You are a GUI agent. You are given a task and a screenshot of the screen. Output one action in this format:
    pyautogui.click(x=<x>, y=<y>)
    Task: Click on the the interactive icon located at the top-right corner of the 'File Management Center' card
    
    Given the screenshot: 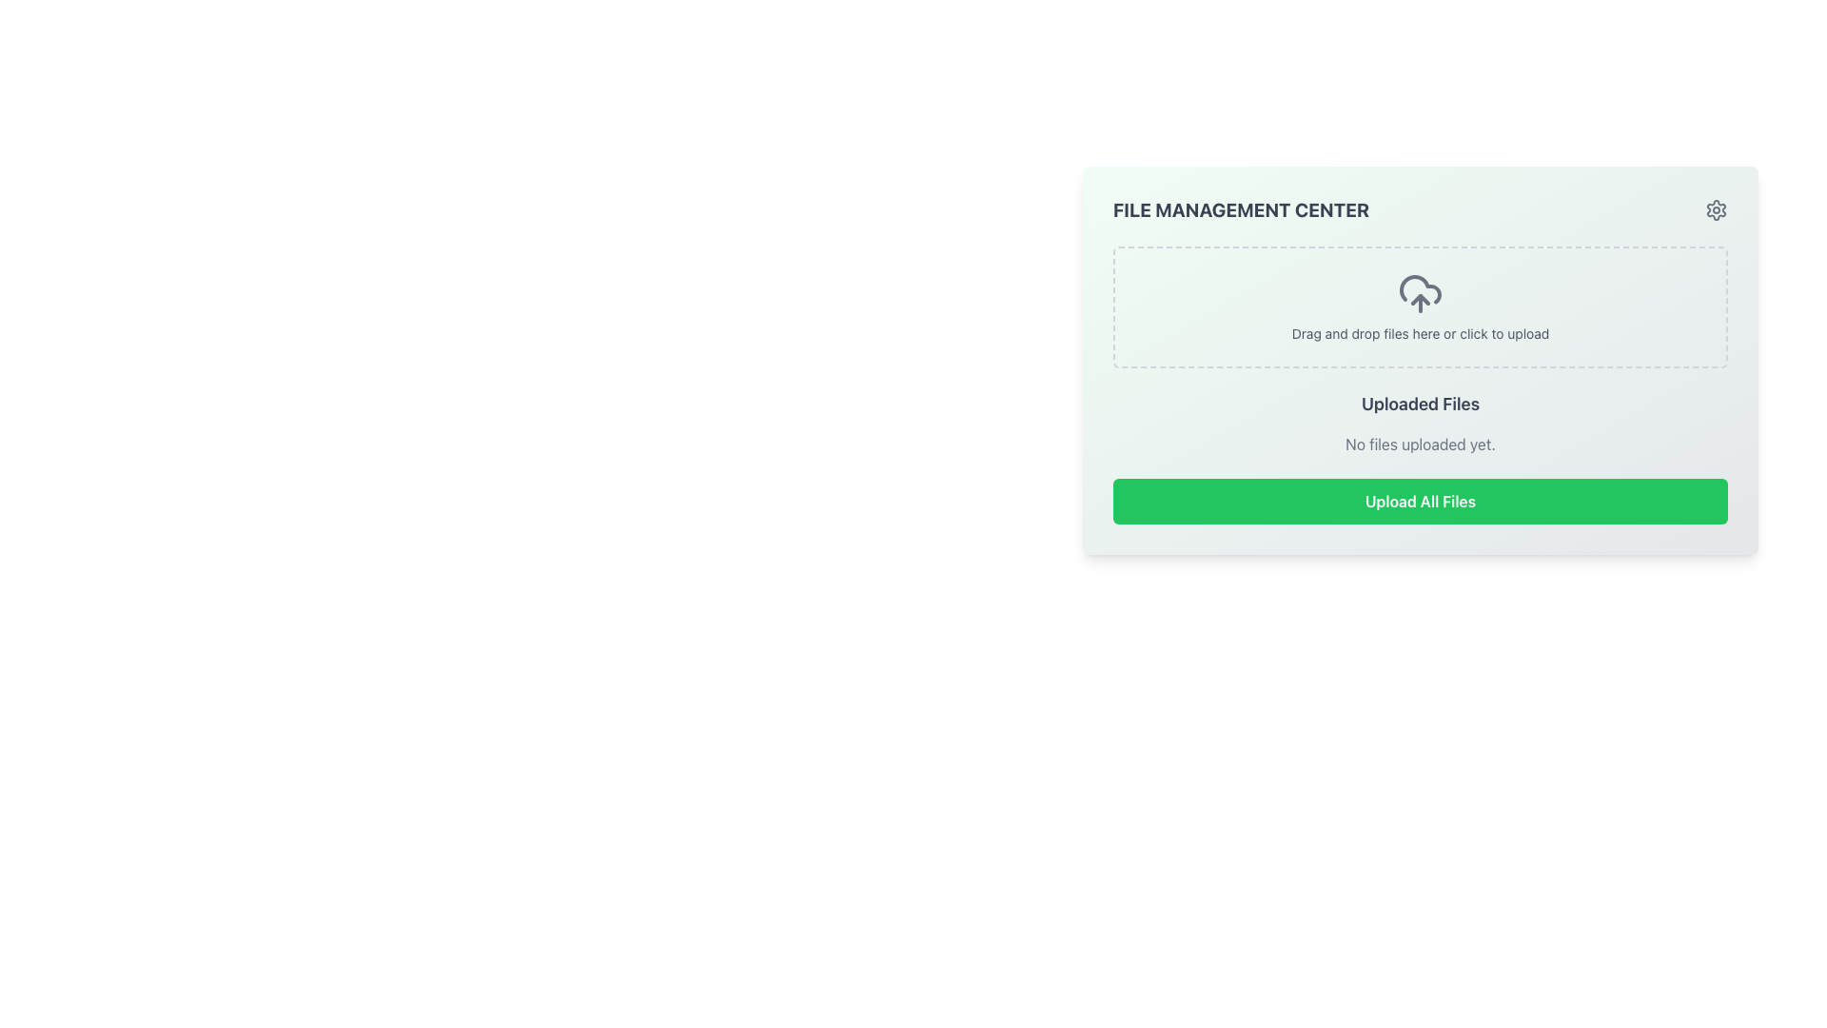 What is the action you would take?
    pyautogui.click(x=1717, y=209)
    